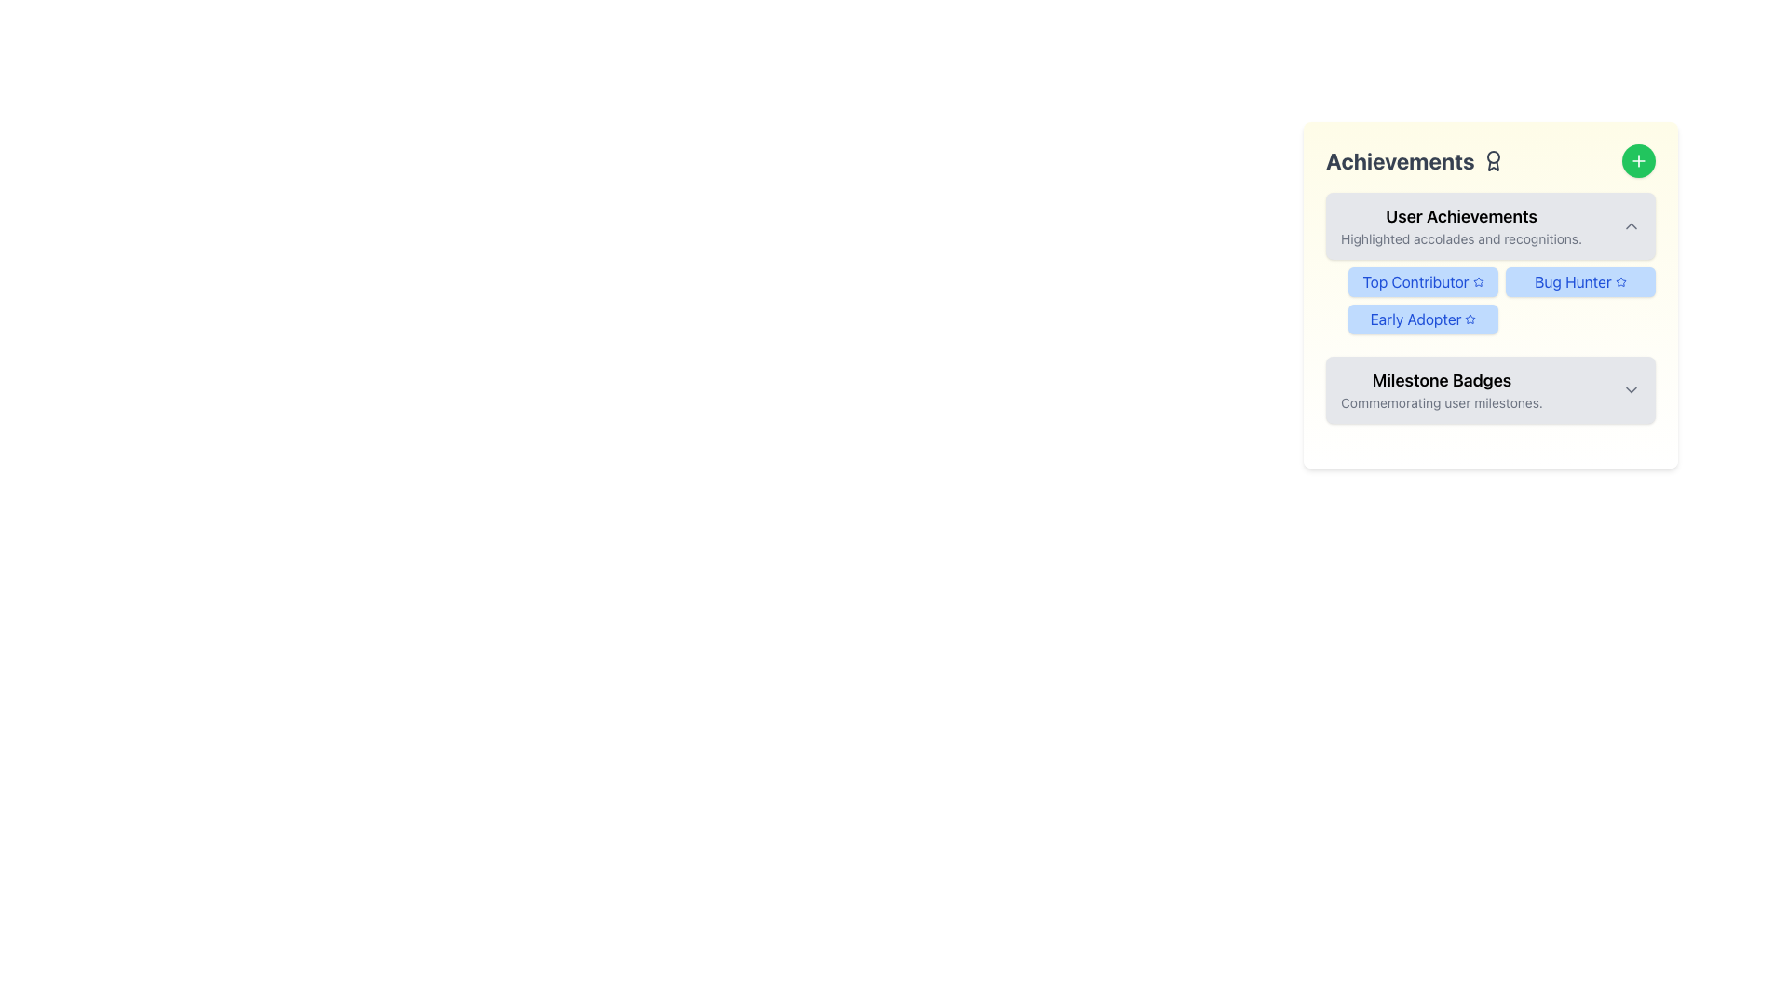 The image size is (1788, 1006). I want to click on the Collapsible Section Header in the Achievements section, so click(1491, 389).